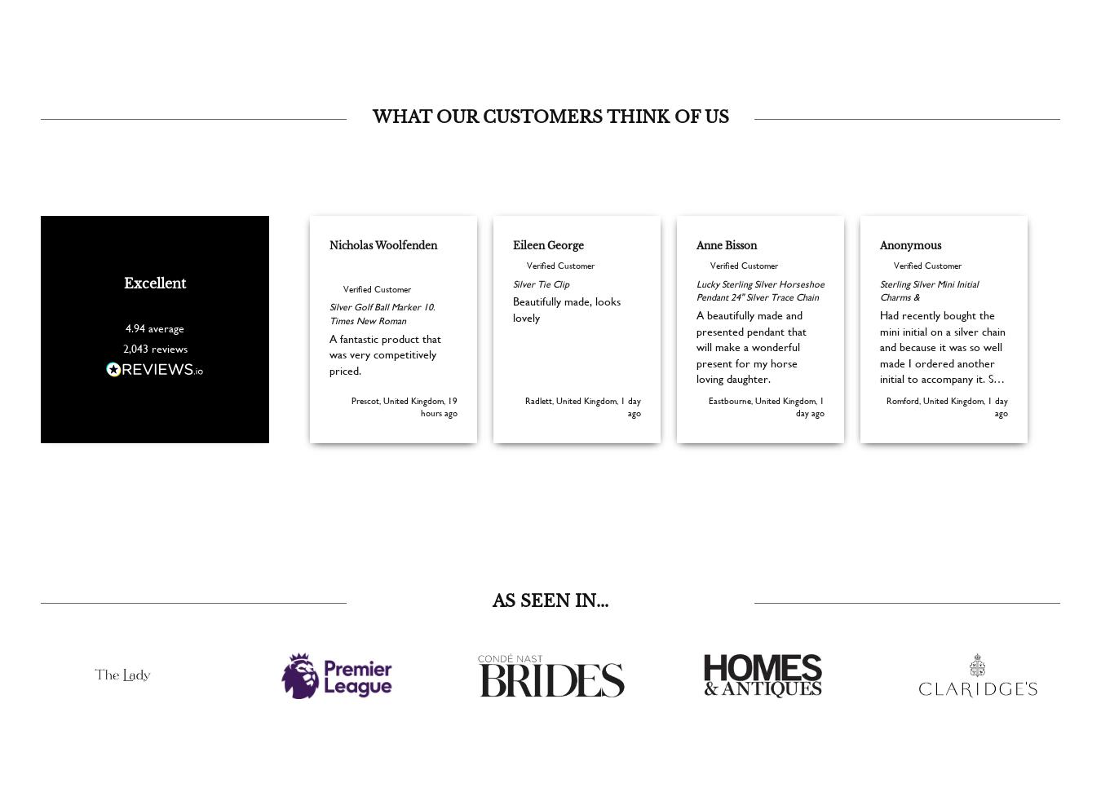 The height and width of the screenshot is (787, 1101). I want to click on 'Silver Tie Clip', so click(541, 306).